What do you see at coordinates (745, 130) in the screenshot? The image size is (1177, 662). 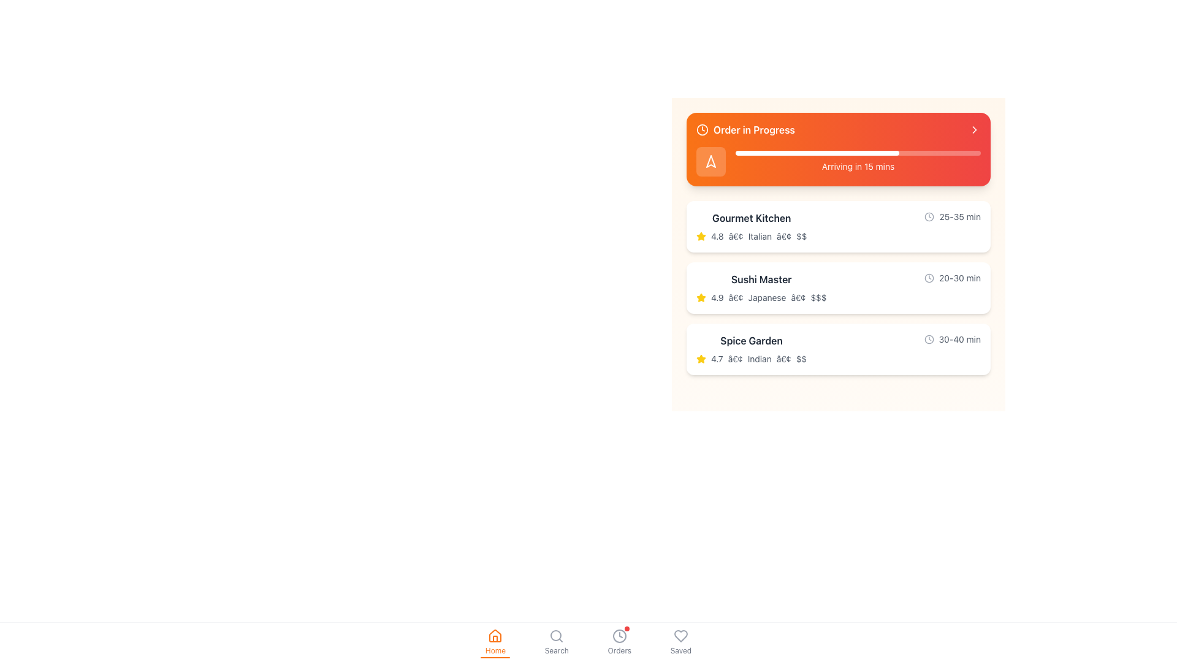 I see `status indicator text located at the top-left of the orange gradient interface section, which informs the user about the current order progress` at bounding box center [745, 130].